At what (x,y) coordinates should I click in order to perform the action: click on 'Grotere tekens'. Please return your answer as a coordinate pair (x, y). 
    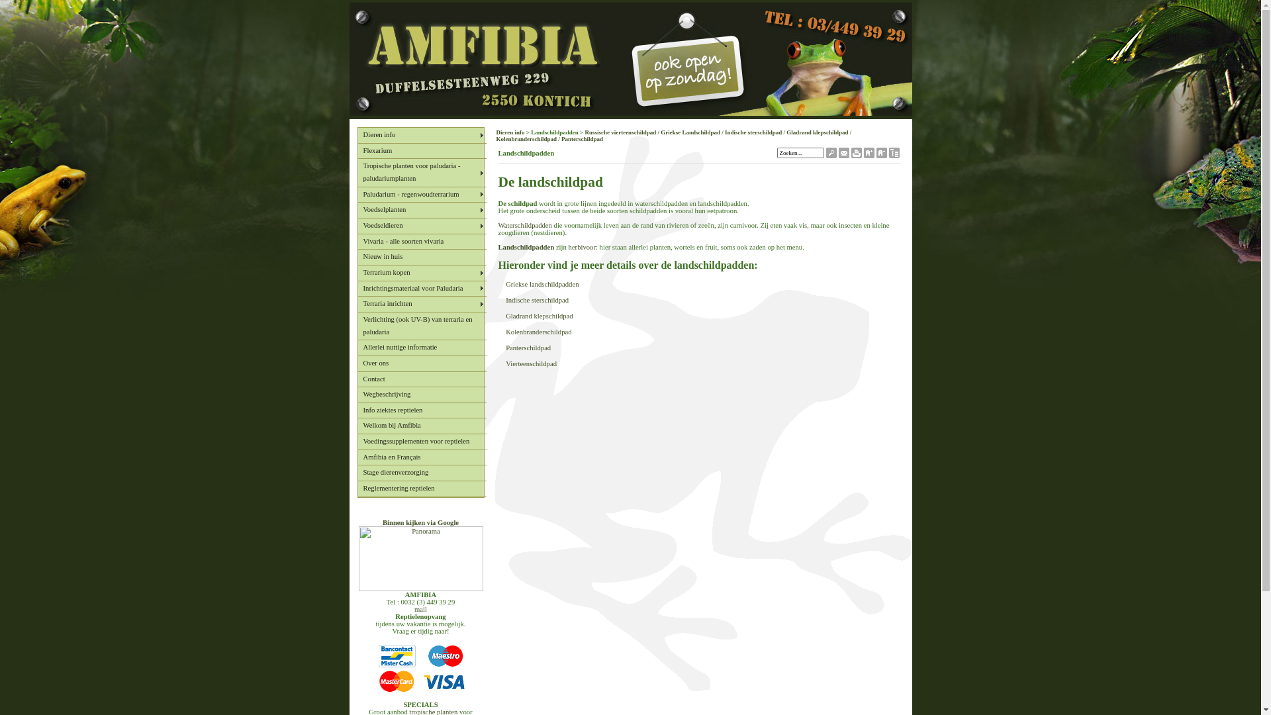
    Looking at the image, I should click on (868, 154).